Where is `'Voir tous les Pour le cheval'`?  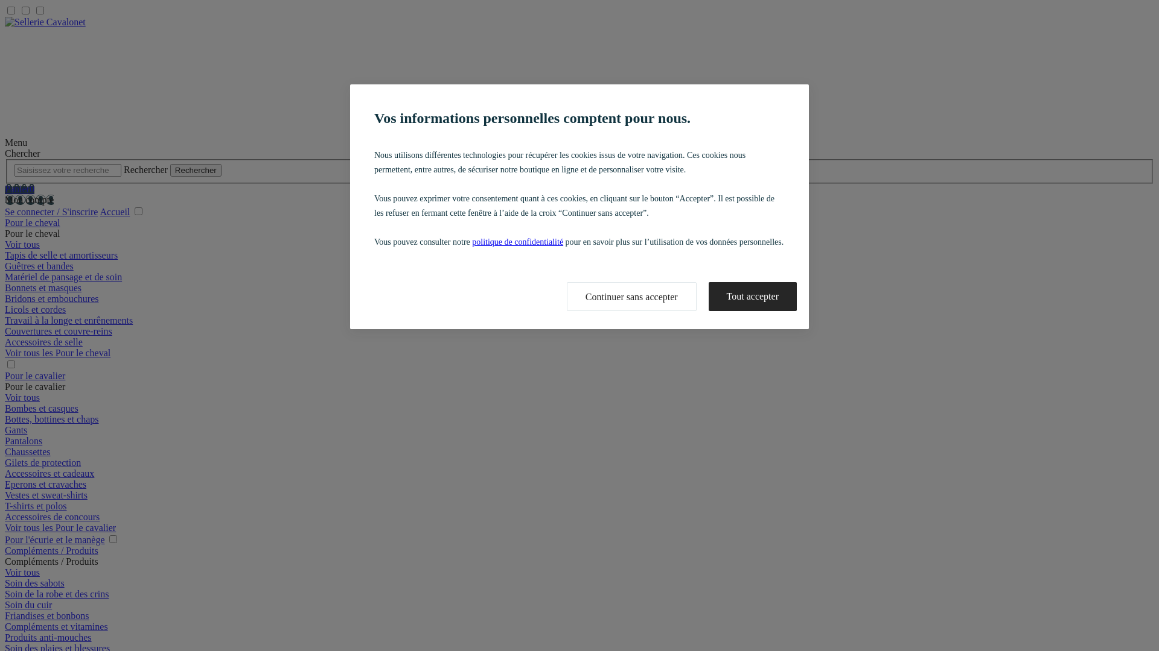 'Voir tous les Pour le cheval' is located at coordinates (57, 353).